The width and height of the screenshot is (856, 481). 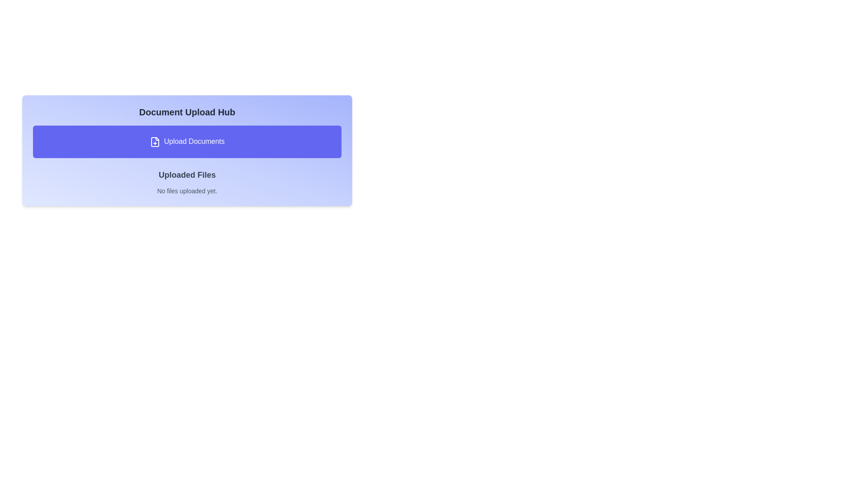 What do you see at coordinates (187, 141) in the screenshot?
I see `the 'Upload Documents' button located in the 'Document Upload Hub' to observe the hover effect` at bounding box center [187, 141].